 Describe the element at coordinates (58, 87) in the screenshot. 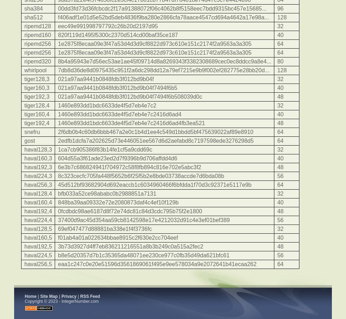

I see `'021a97aa9441b0848fdb3f012bd9b04f7494f6b5'` at that location.